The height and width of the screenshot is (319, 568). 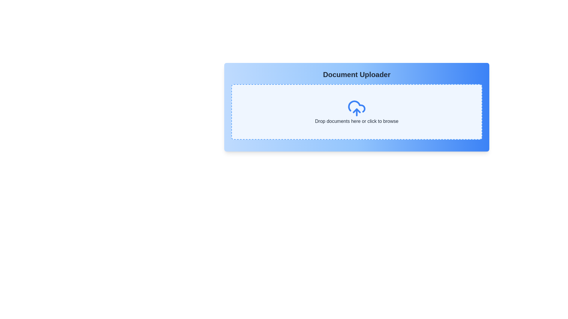 I want to click on the decorative cloud-shaped icon with an upward arrow, which is styled in blue and located above the text 'Drop documents here or click to browse', so click(x=356, y=108).